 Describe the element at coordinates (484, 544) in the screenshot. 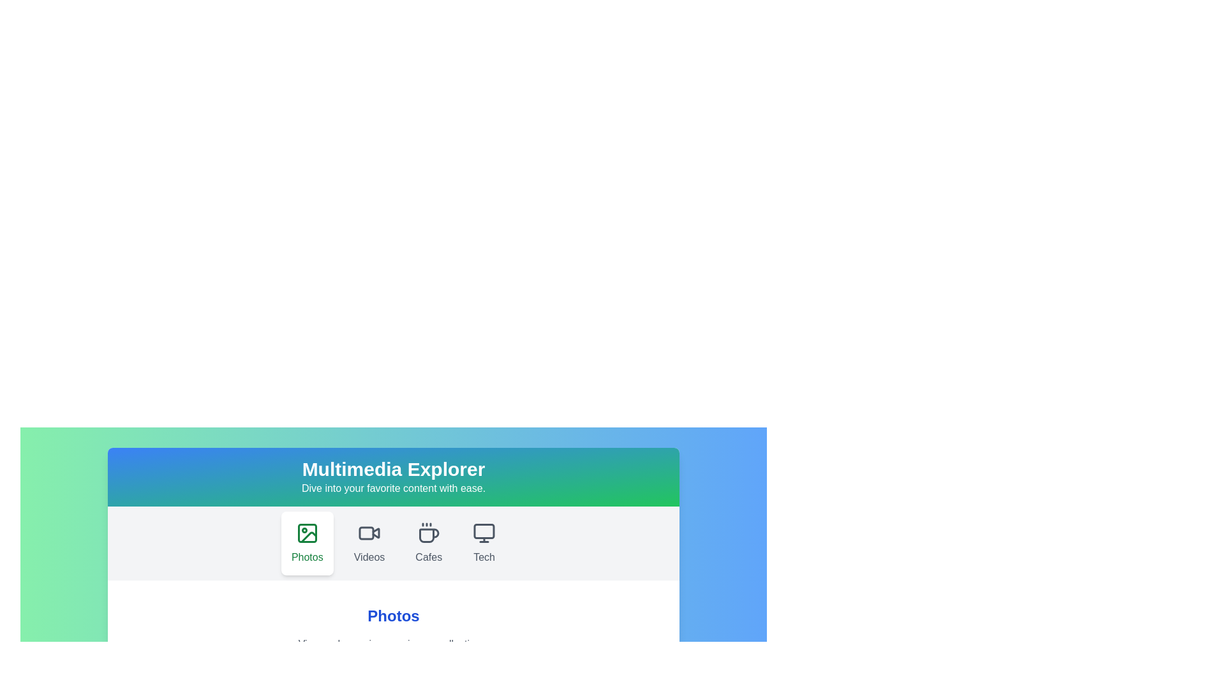

I see `the Tech tab by clicking its button` at that location.